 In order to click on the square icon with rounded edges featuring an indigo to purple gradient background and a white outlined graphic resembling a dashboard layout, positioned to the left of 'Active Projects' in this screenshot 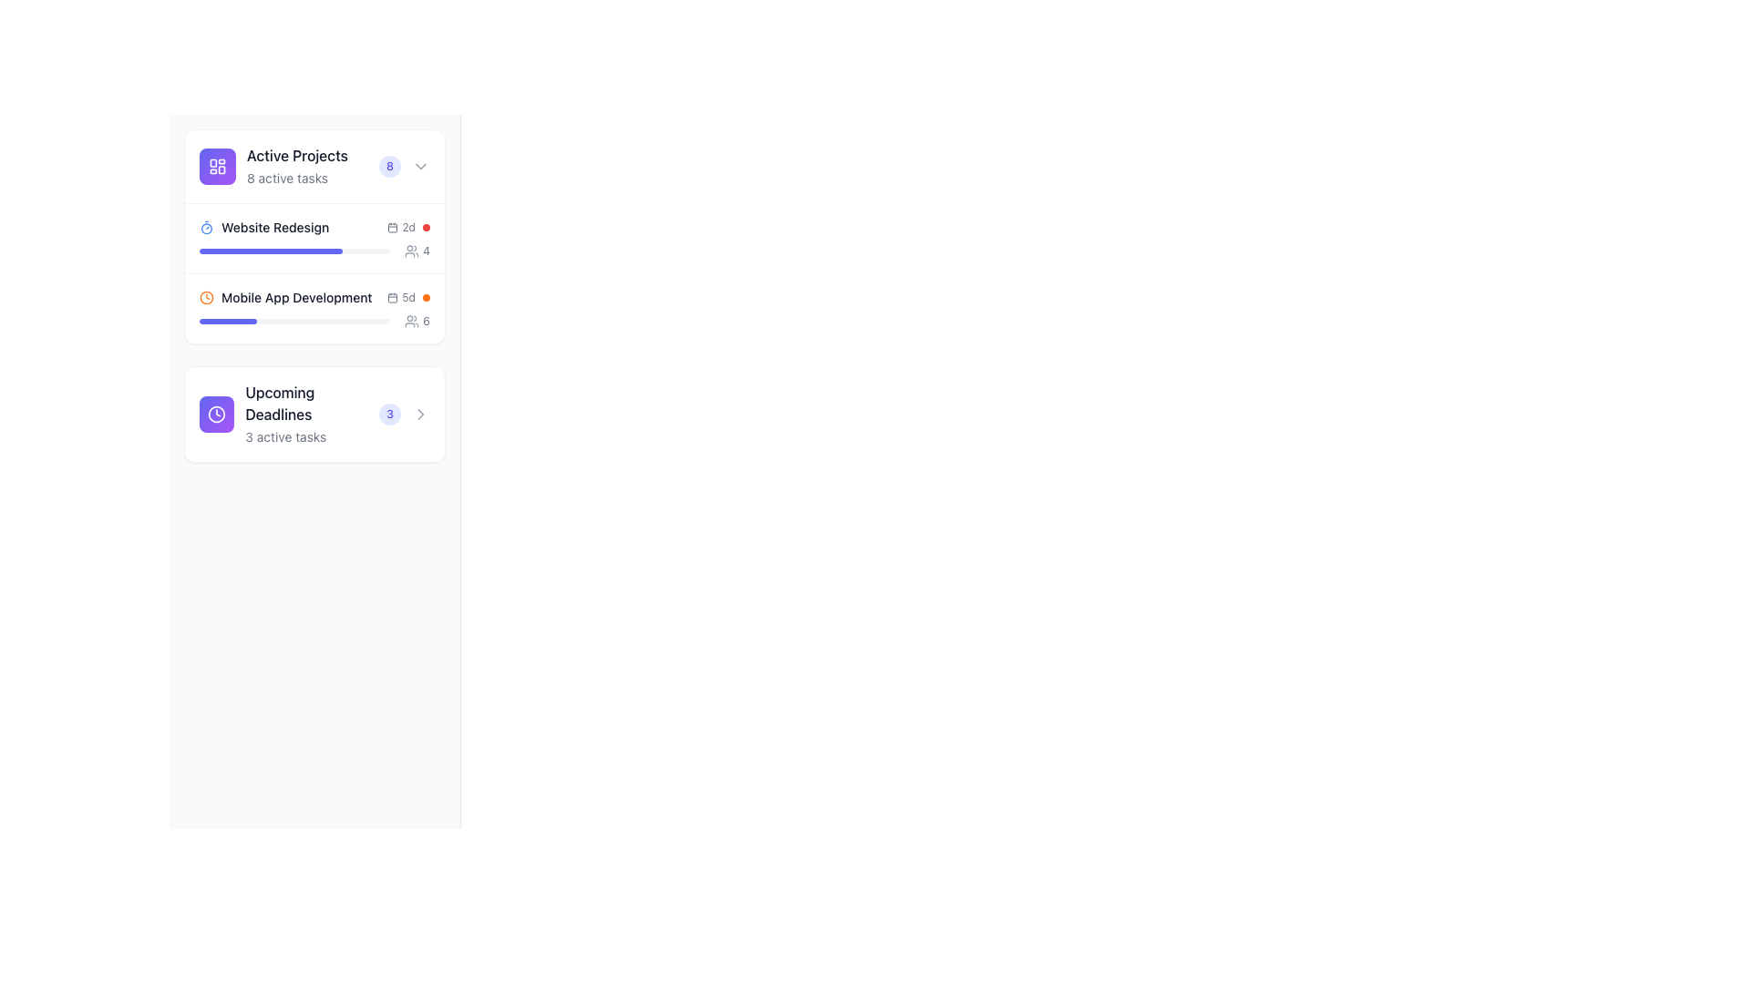, I will do `click(218, 166)`.